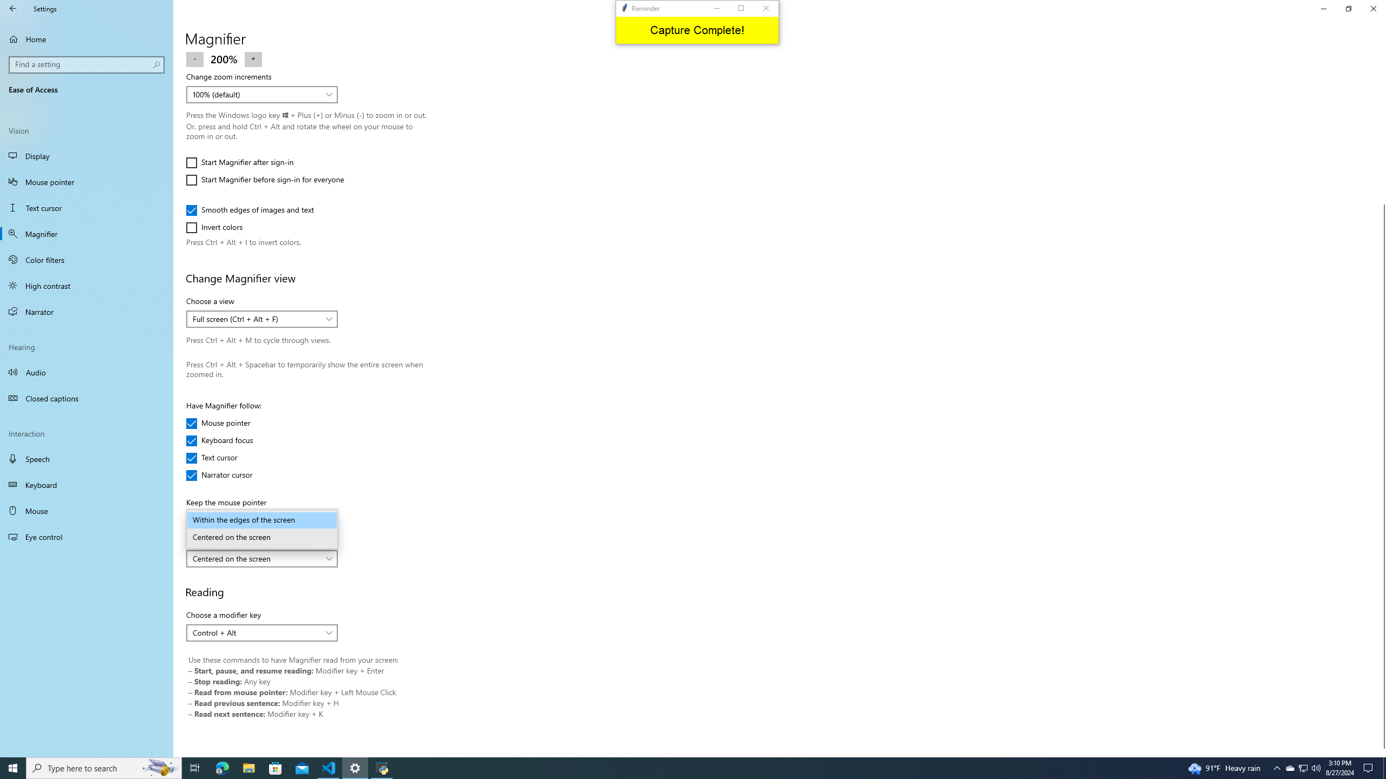  What do you see at coordinates (248, 767) in the screenshot?
I see `'File Explorer'` at bounding box center [248, 767].